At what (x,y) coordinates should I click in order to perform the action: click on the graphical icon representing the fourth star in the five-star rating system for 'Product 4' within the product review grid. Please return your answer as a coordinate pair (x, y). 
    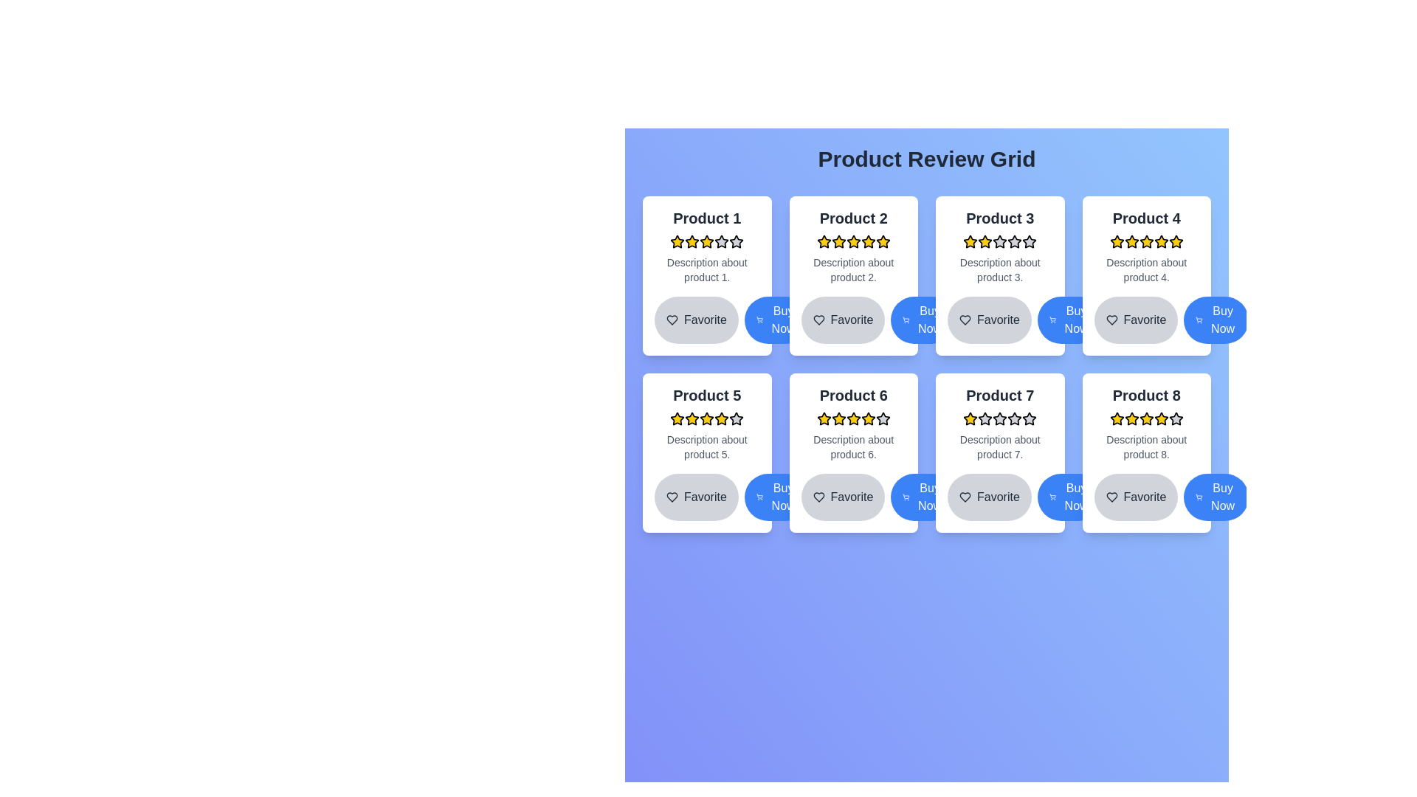
    Looking at the image, I should click on (1145, 241).